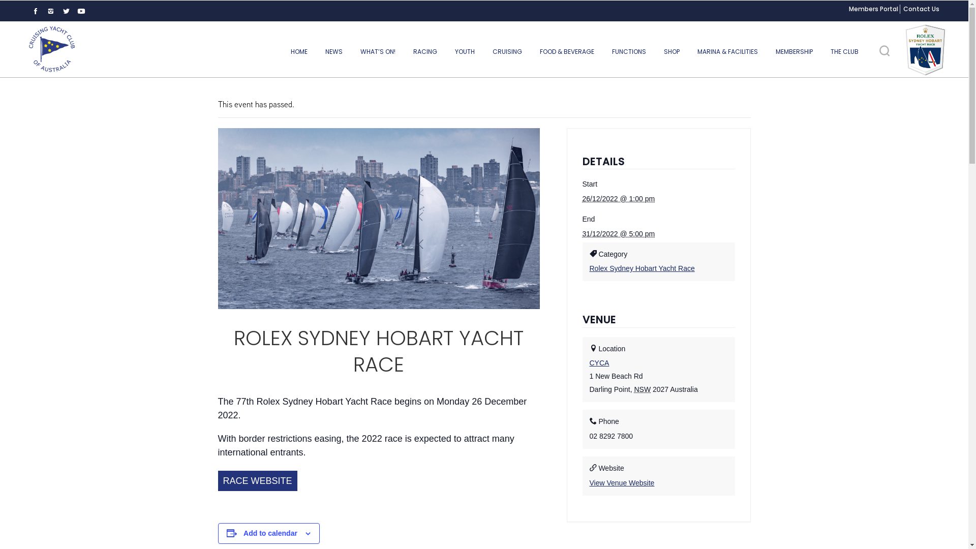 The height and width of the screenshot is (549, 976). What do you see at coordinates (672, 51) in the screenshot?
I see `'SHOP'` at bounding box center [672, 51].